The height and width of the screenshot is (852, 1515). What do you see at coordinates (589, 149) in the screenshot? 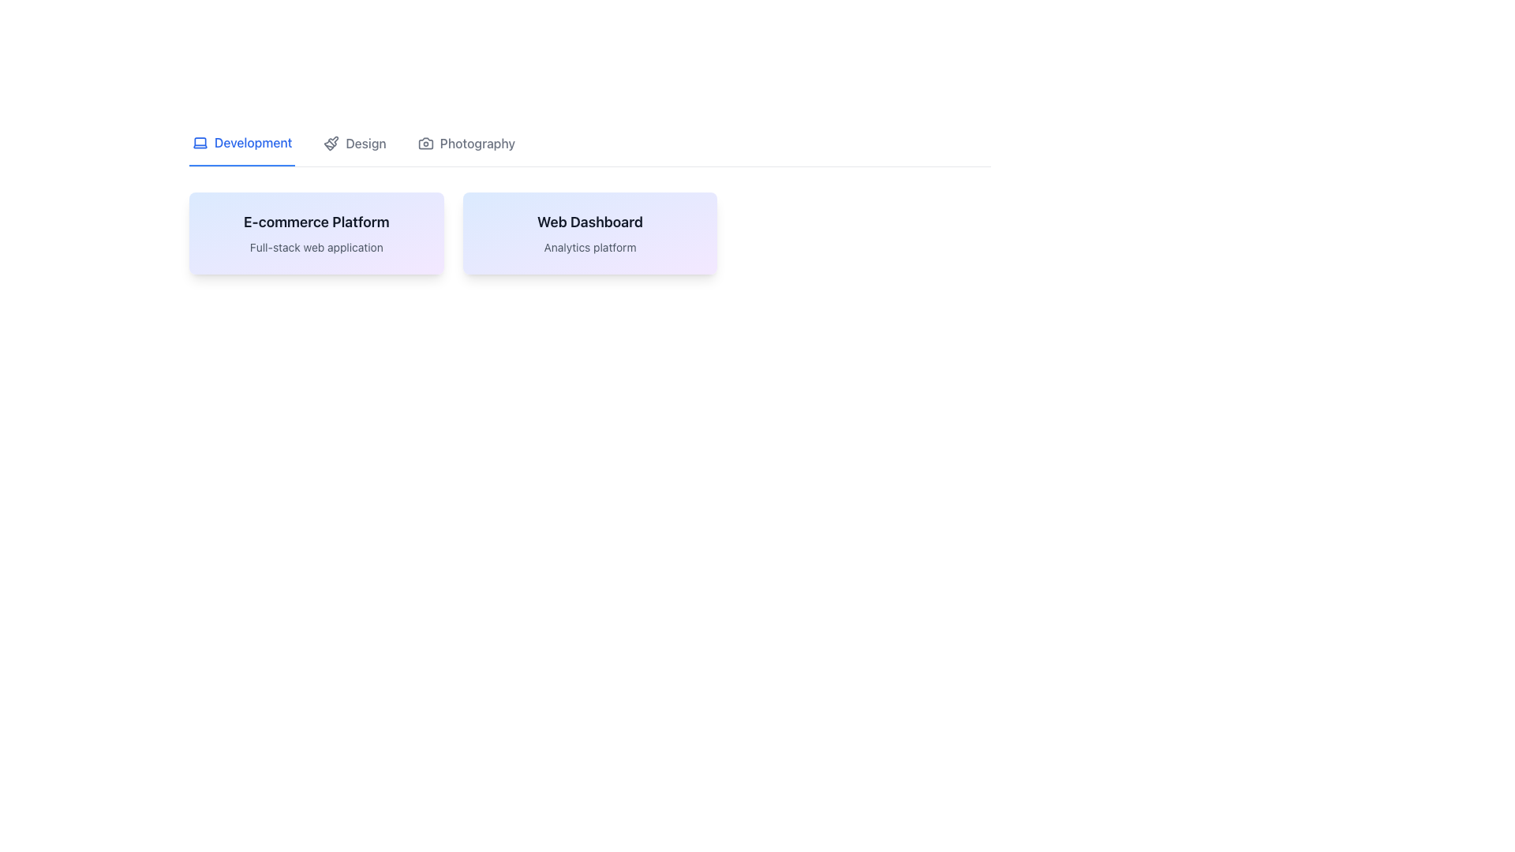
I see `the 'Development', 'Design', or 'Photography' section in the main navigation bar located at the top-center of the page` at bounding box center [589, 149].